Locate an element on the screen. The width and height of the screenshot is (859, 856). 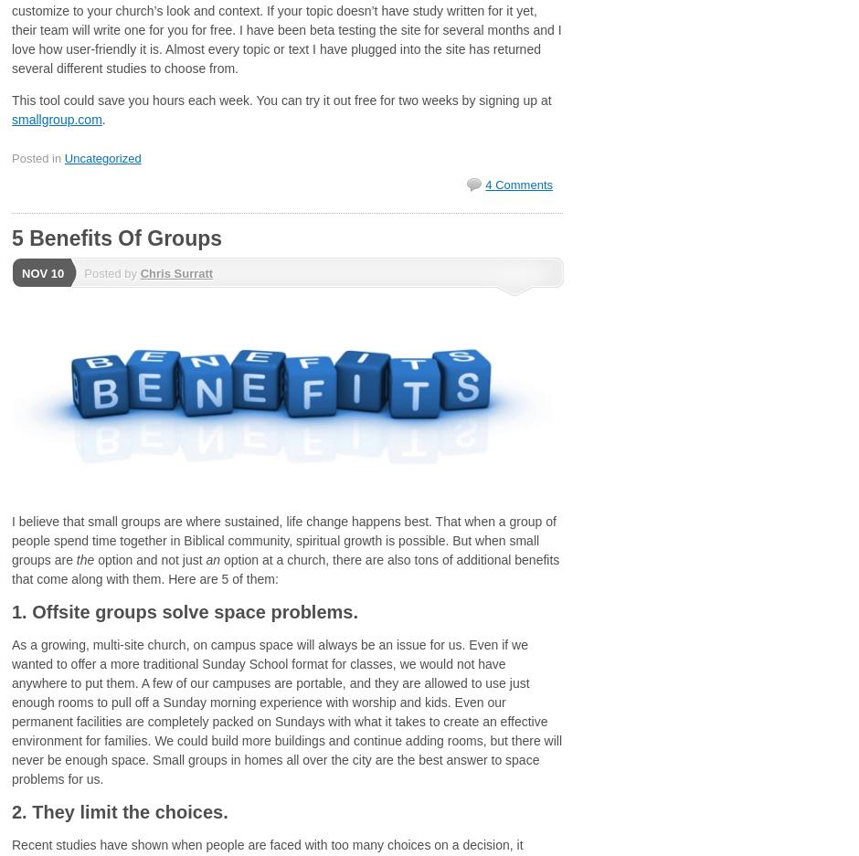
'smallgroup.com' is located at coordinates (56, 119).